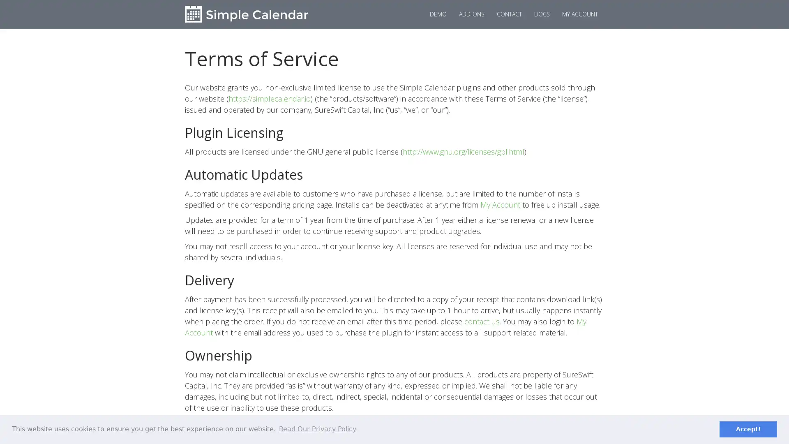 Image resolution: width=789 pixels, height=444 pixels. I want to click on dismiss cookie message, so click(748, 429).